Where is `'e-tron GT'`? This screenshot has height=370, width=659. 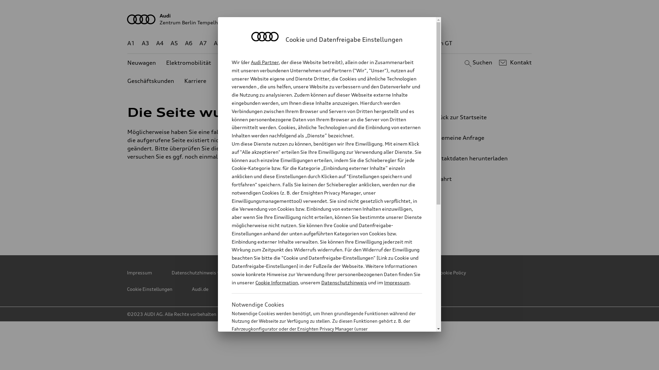
'e-tron GT' is located at coordinates (439, 43).